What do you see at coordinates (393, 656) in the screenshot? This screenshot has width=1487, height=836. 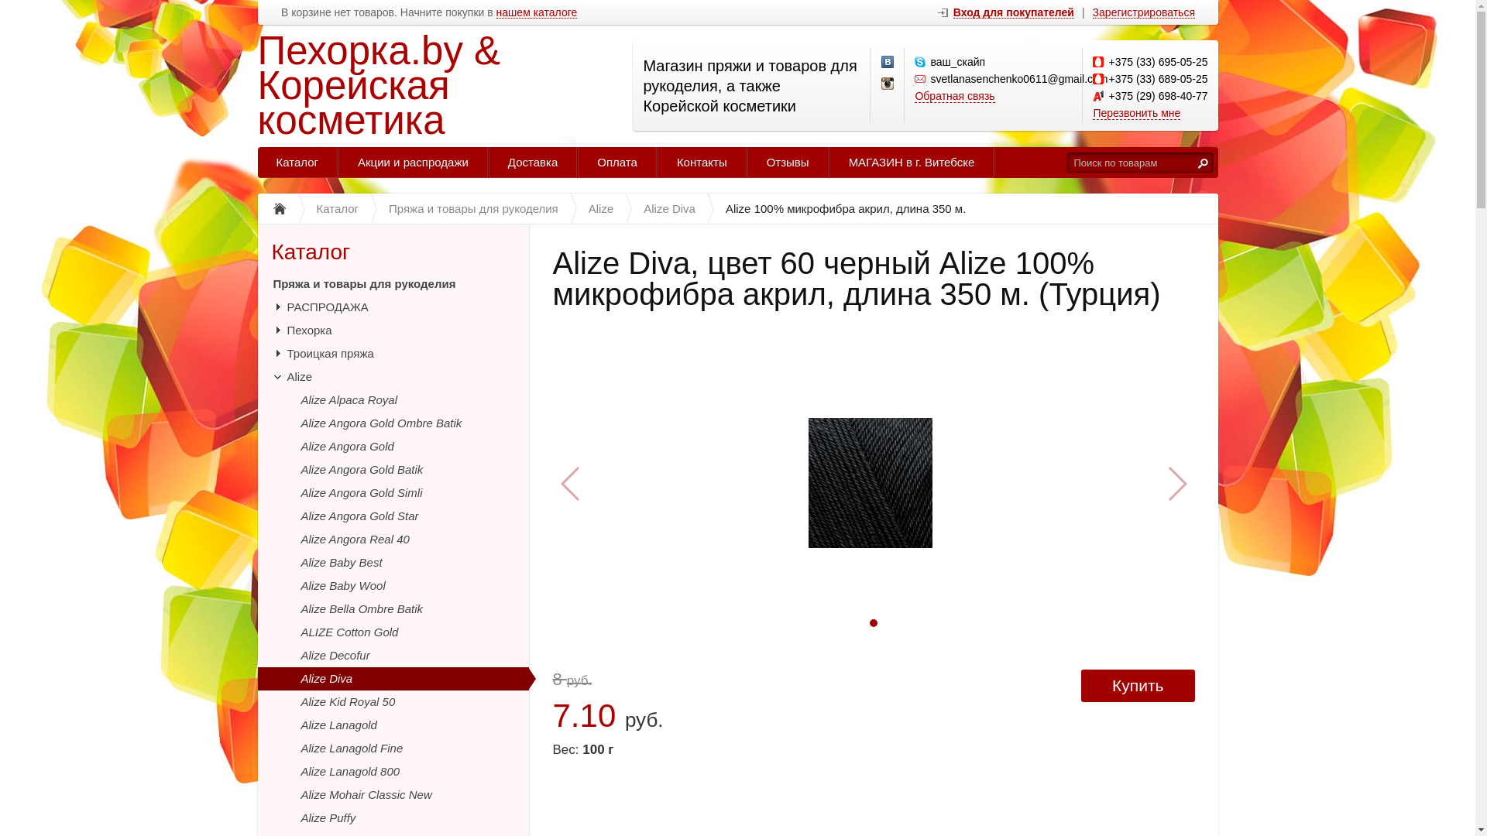 I see `'Alize Decofur'` at bounding box center [393, 656].